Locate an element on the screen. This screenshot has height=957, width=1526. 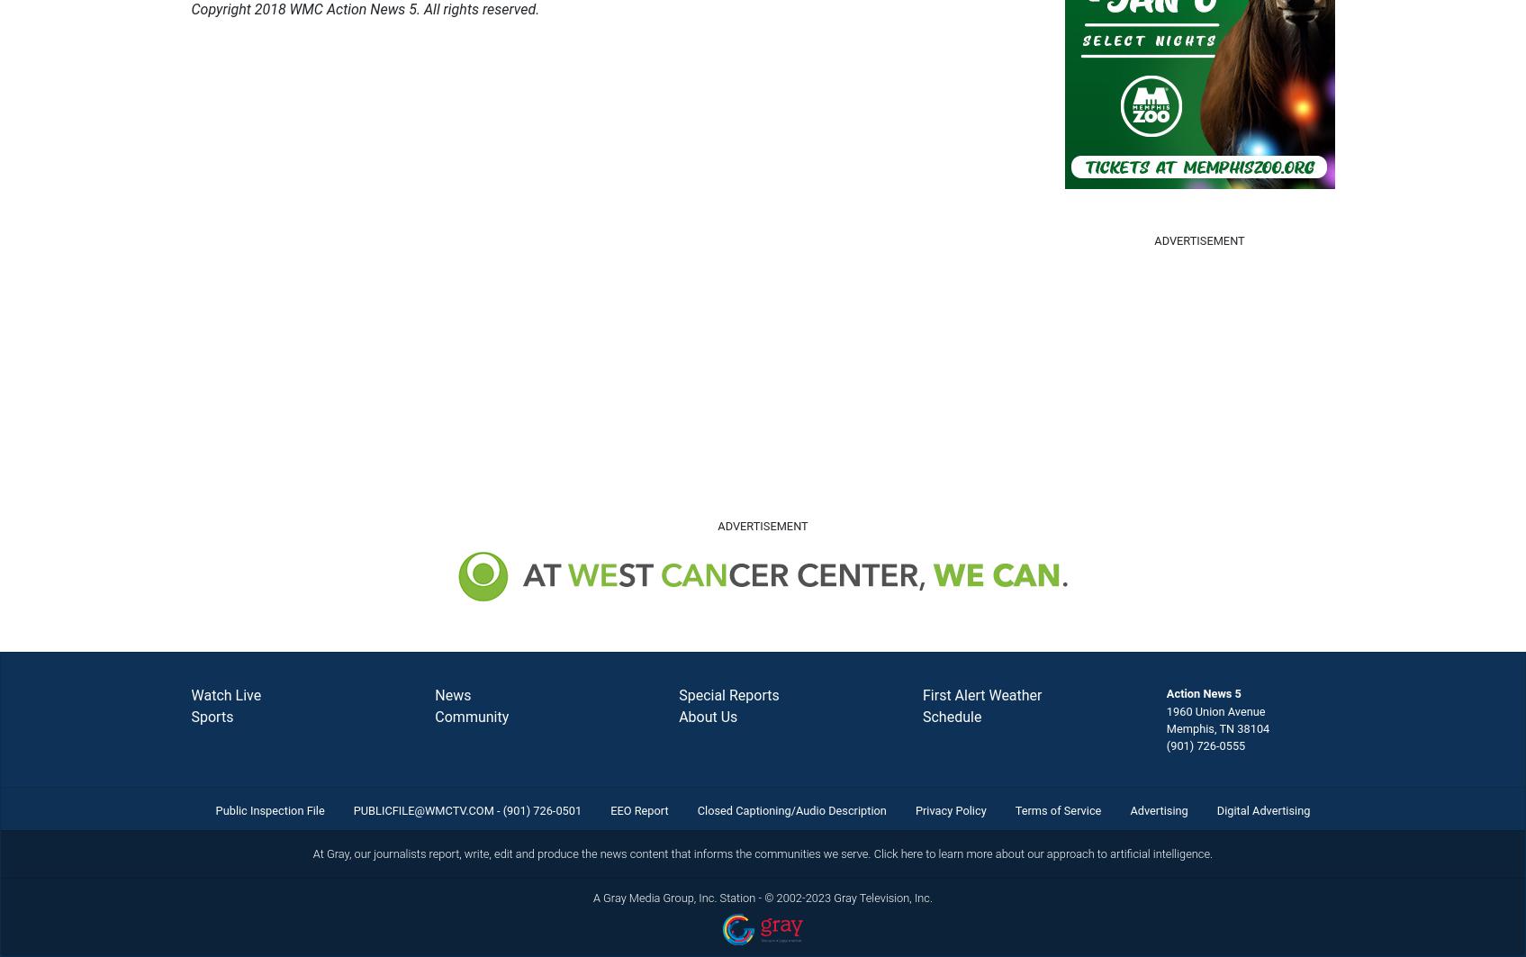
'Memphis, TN 38104' is located at coordinates (1217, 727).